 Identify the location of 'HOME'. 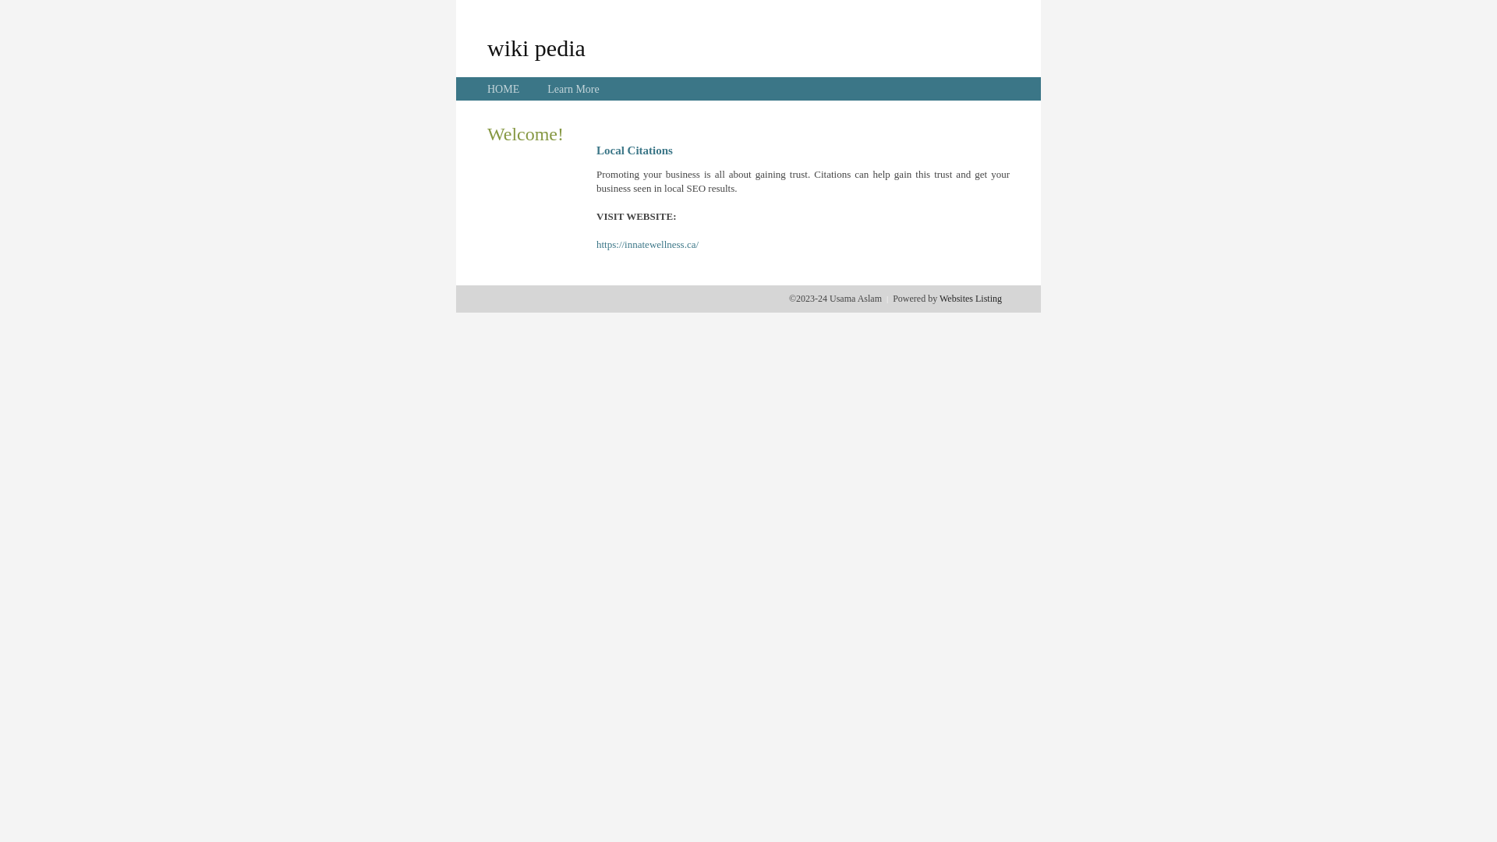
(503, 89).